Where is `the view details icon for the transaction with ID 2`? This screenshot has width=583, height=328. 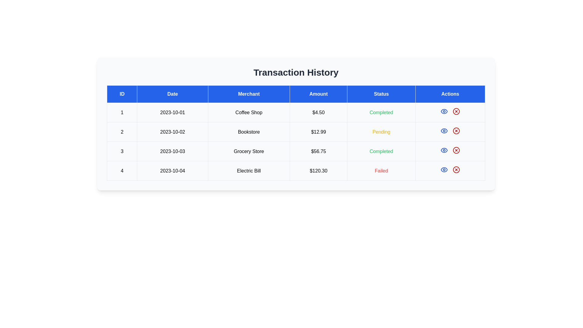
the view details icon for the transaction with ID 2 is located at coordinates (444, 131).